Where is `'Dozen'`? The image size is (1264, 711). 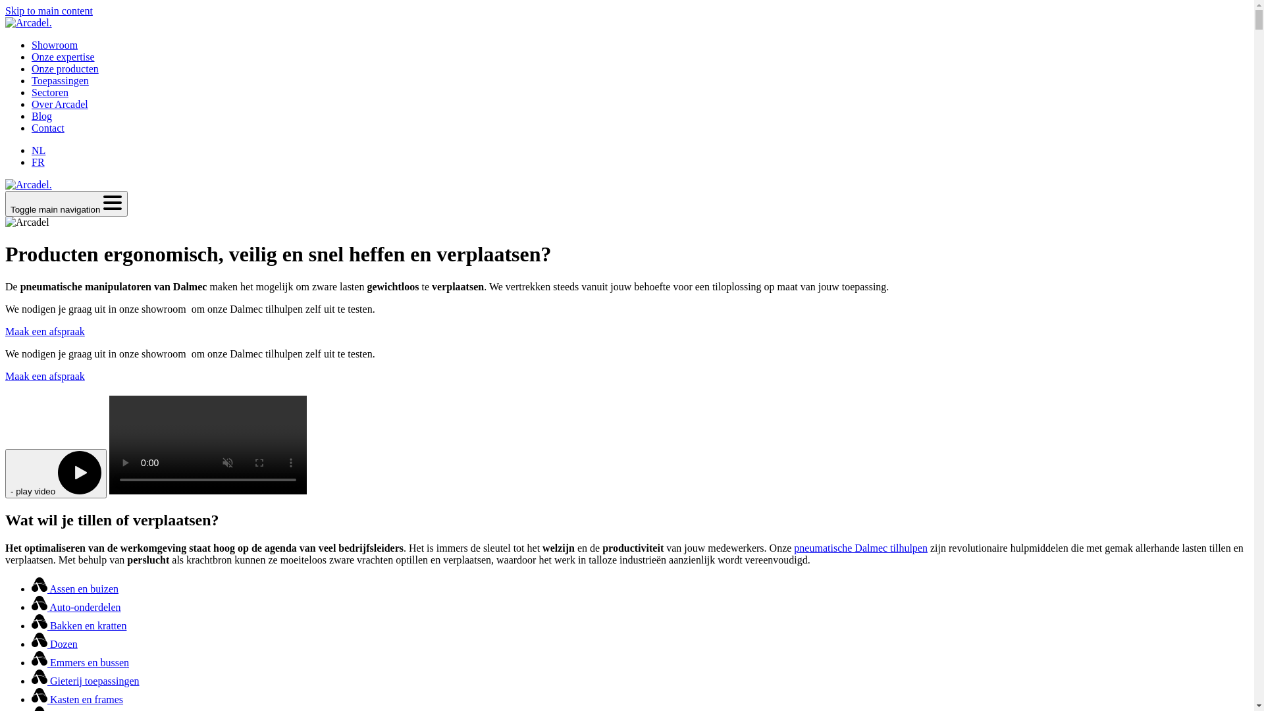 'Dozen' is located at coordinates (53, 643).